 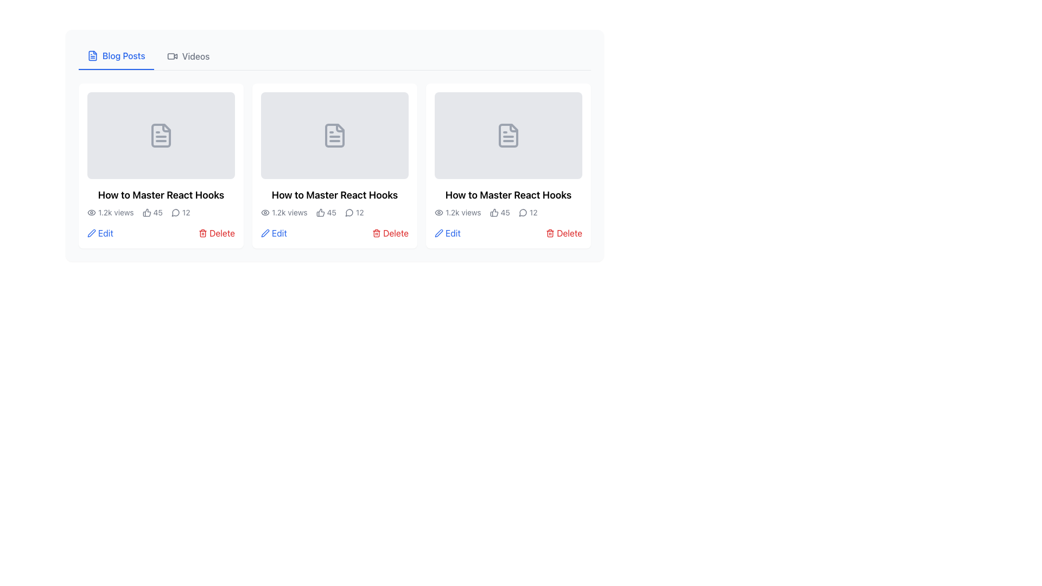 What do you see at coordinates (439, 232) in the screenshot?
I see `the 'Edit' icon, resembling a pen or writing utensil, located in the second blog card of the middle column to gather information` at bounding box center [439, 232].